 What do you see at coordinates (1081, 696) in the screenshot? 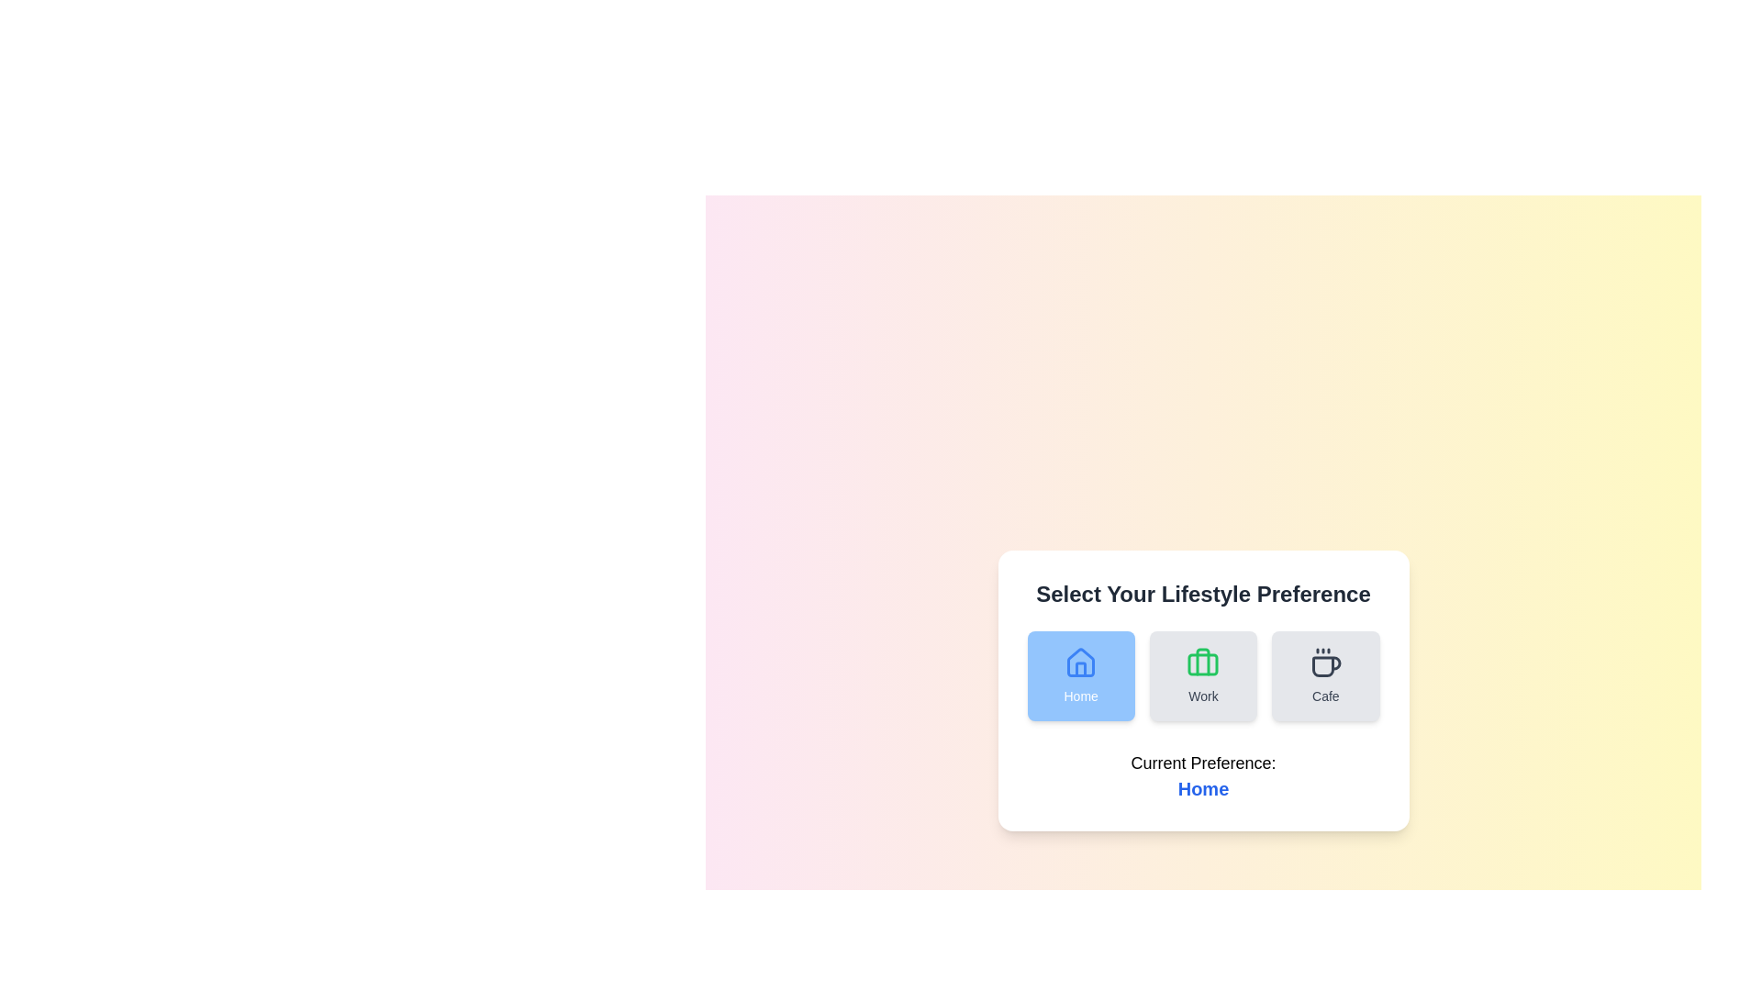
I see `the static text label that identifies the 'Home' lifestyle preference option, located beneath the house icon in the first card of the lifestyle preferences` at bounding box center [1081, 696].